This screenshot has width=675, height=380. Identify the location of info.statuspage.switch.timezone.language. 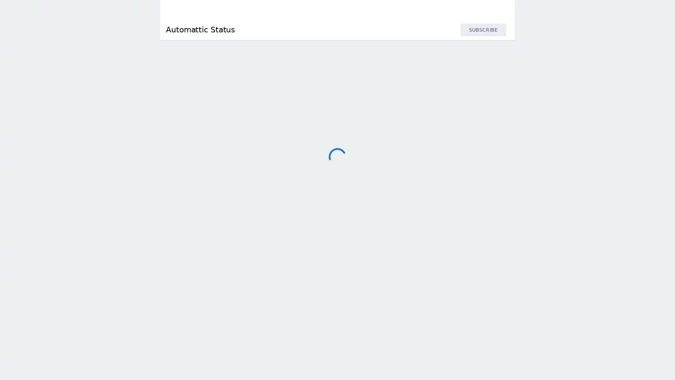
(499, 12).